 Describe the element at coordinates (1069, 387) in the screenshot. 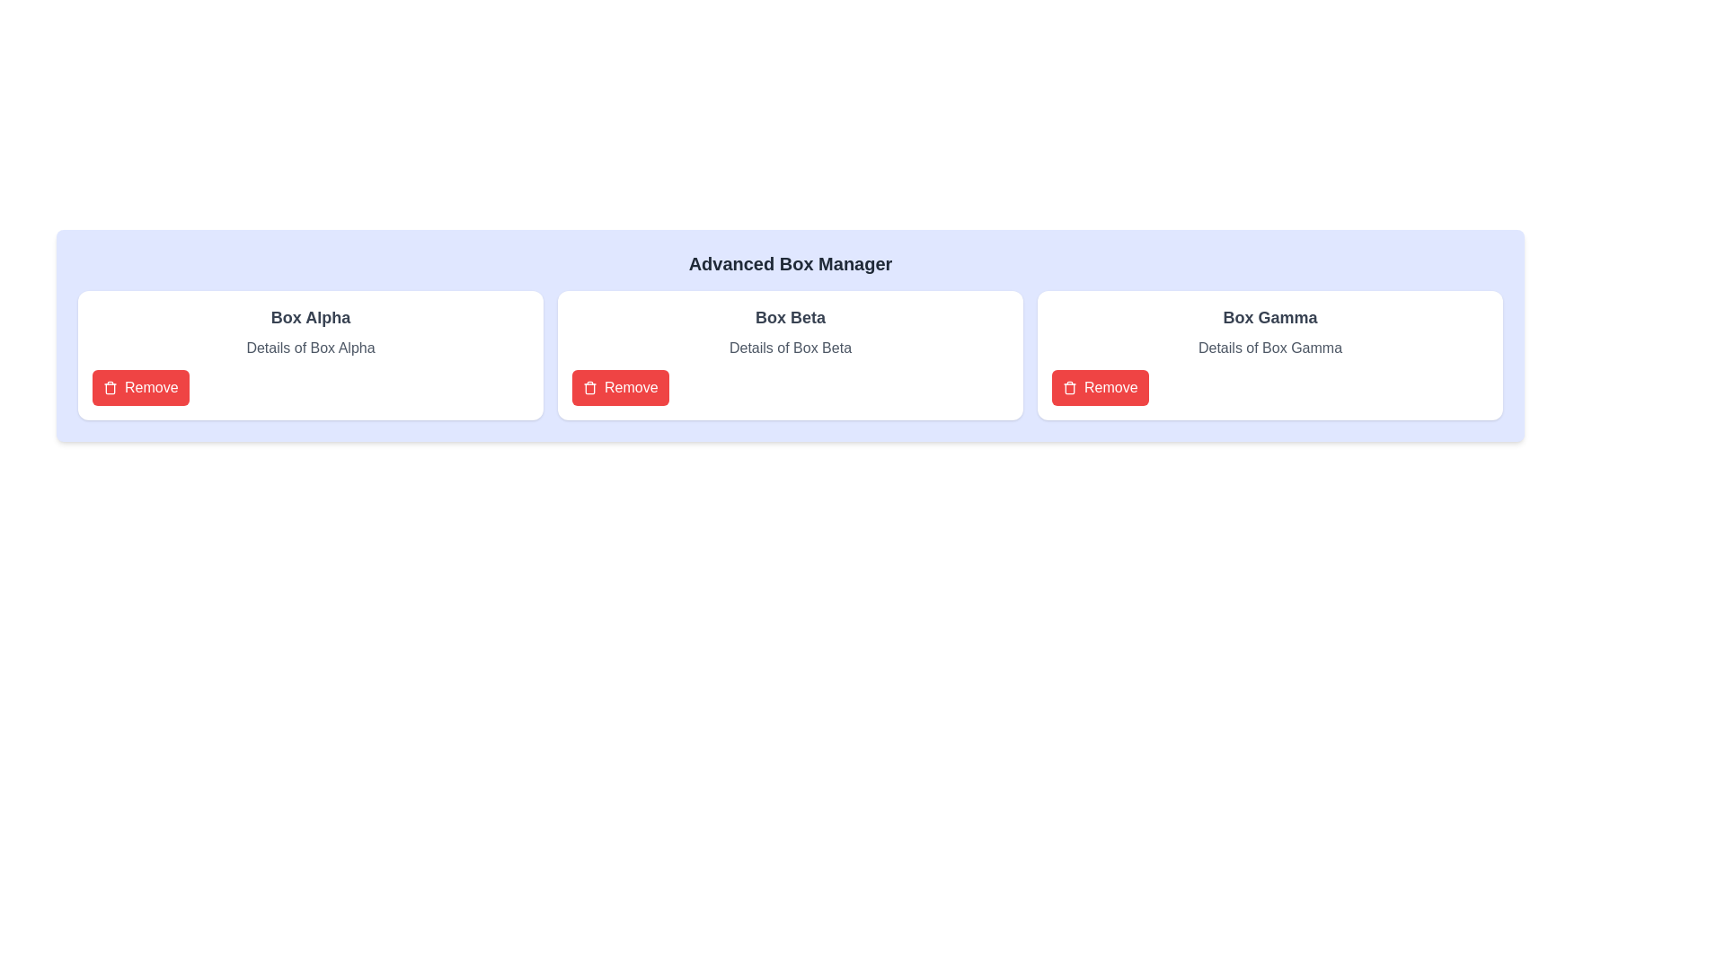

I see `the trash icon located within the 'Remove' button of the 'Box Beta' card` at that location.